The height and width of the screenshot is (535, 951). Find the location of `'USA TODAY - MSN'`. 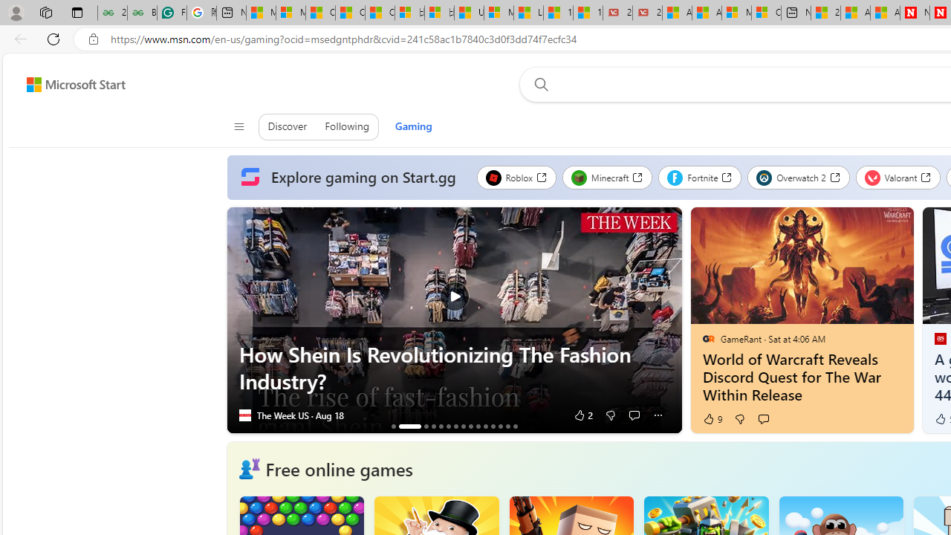

'USA TODAY - MSN' is located at coordinates (468, 13).